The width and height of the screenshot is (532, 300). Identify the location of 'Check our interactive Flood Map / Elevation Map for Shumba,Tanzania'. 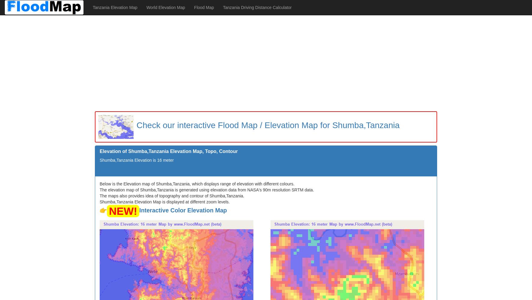
(268, 125).